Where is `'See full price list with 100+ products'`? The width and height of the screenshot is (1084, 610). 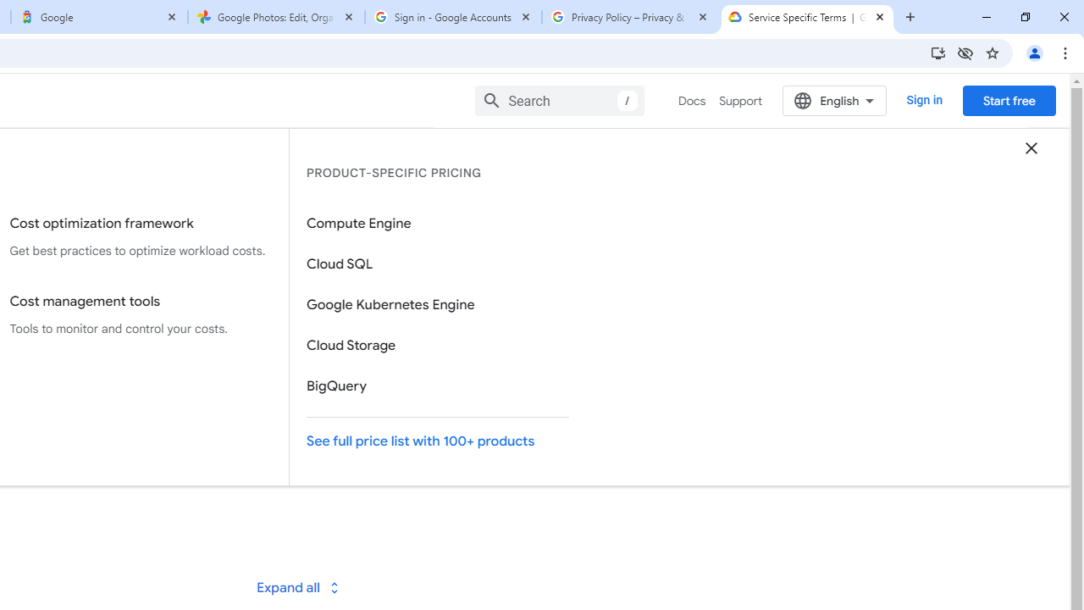 'See full price list with 100+ products' is located at coordinates (438, 440).